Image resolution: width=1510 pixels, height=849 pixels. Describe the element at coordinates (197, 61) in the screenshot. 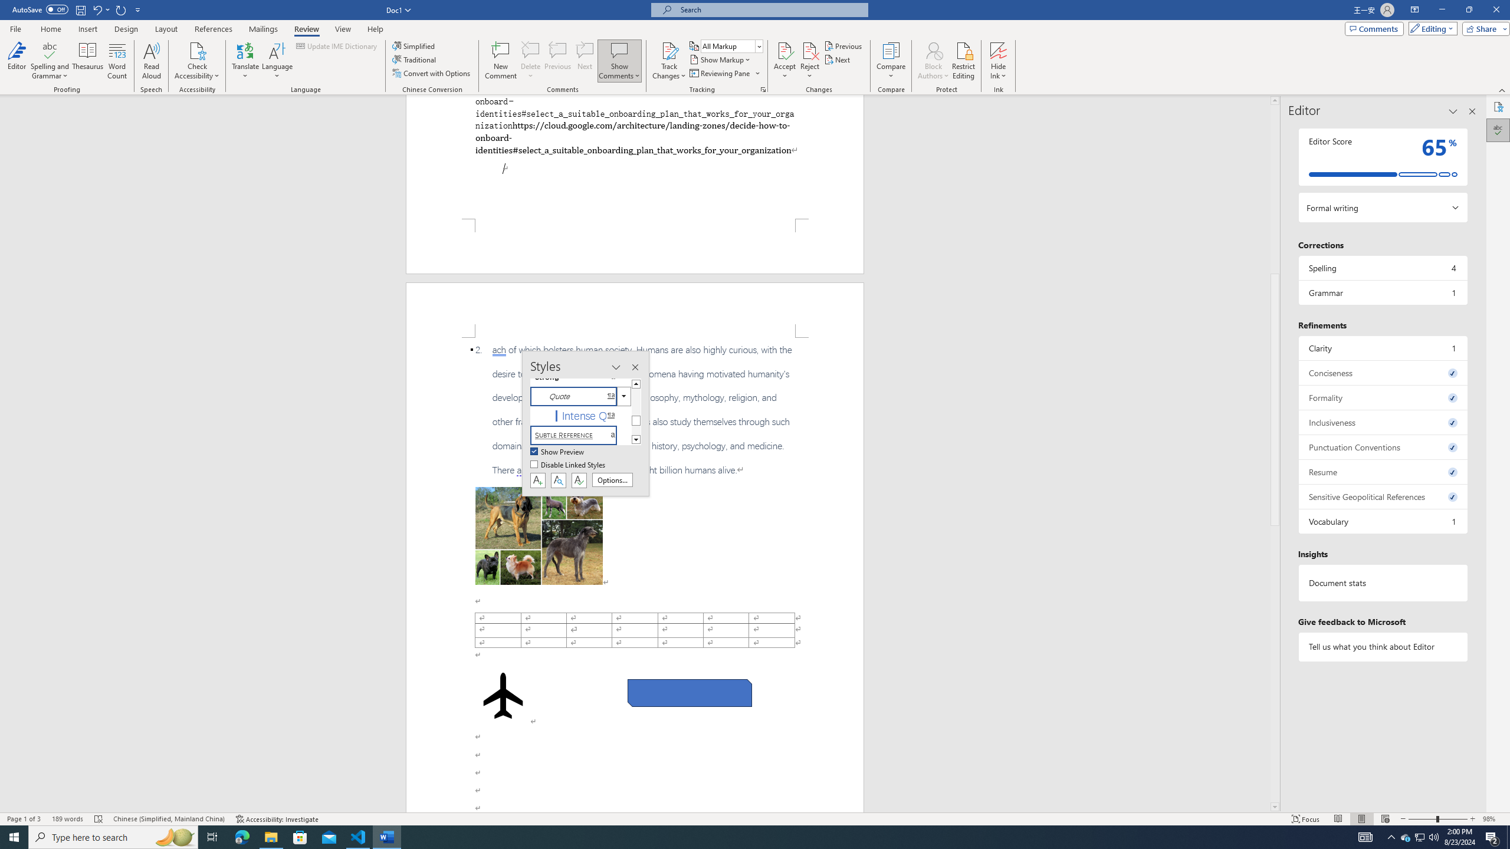

I see `'Check Accessibility'` at that location.